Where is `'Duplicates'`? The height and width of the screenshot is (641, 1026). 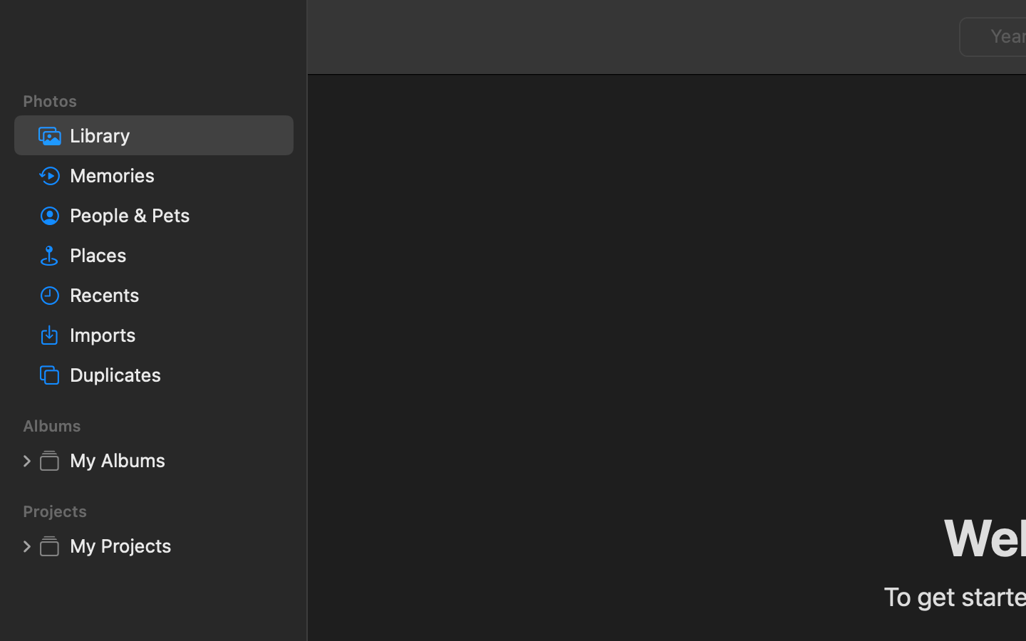 'Duplicates' is located at coordinates (175, 373).